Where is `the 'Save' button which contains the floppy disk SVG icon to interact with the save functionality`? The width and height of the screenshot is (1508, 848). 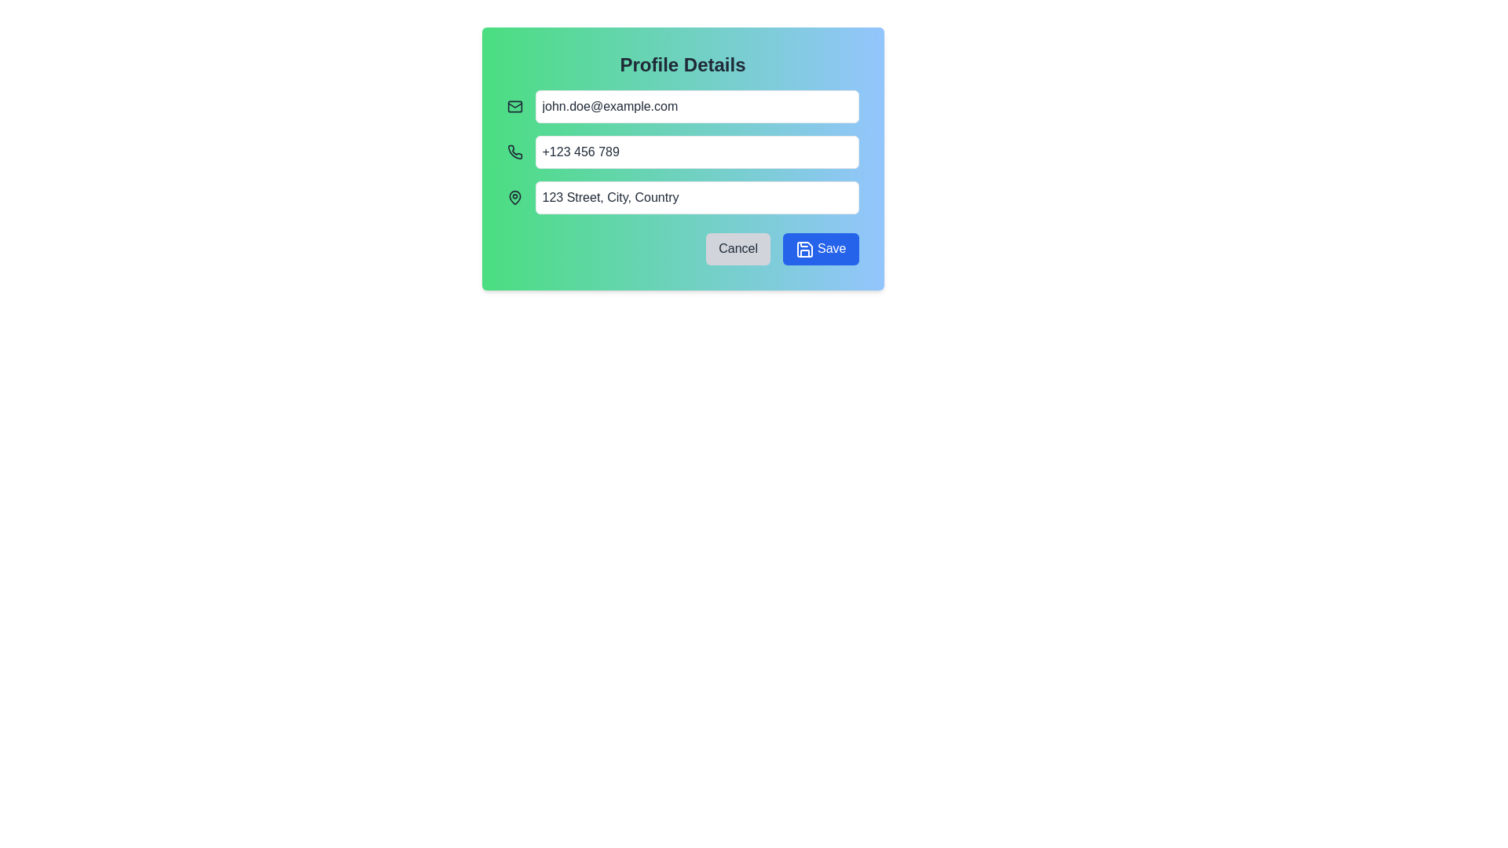
the 'Save' button which contains the floppy disk SVG icon to interact with the save functionality is located at coordinates (805, 248).